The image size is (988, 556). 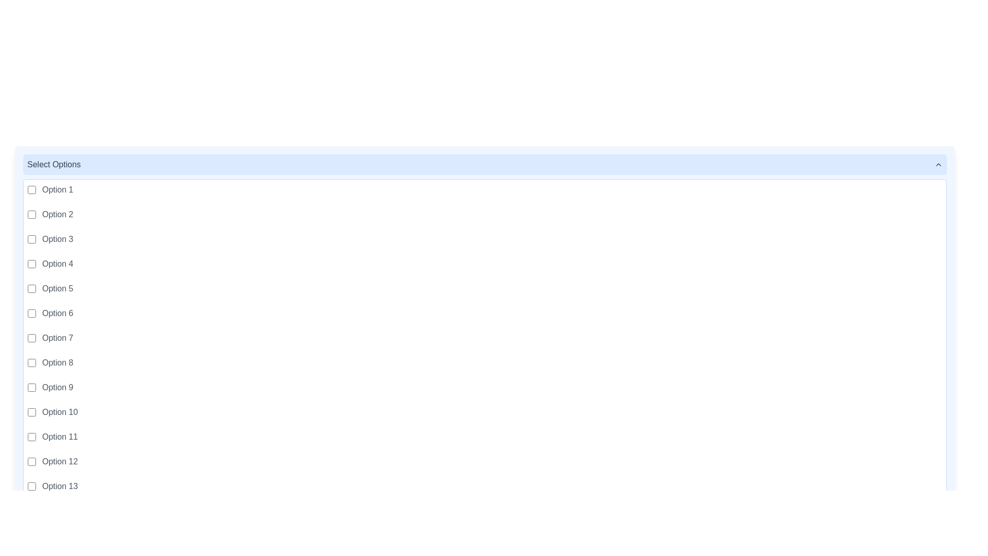 I want to click on the checkbox for keyboard navigation, so click(x=32, y=338).